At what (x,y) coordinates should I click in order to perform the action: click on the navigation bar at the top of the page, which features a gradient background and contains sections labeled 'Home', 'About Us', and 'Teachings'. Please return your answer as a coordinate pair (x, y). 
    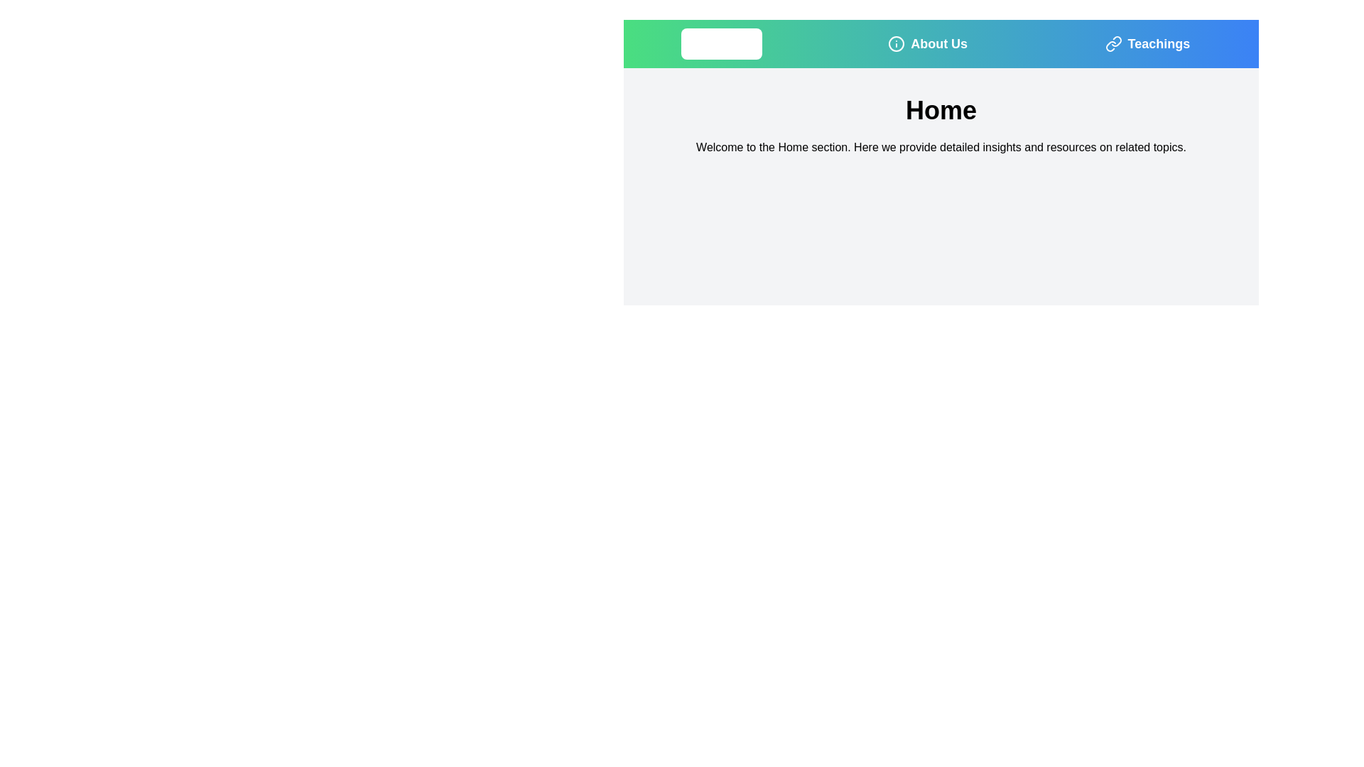
    Looking at the image, I should click on (941, 43).